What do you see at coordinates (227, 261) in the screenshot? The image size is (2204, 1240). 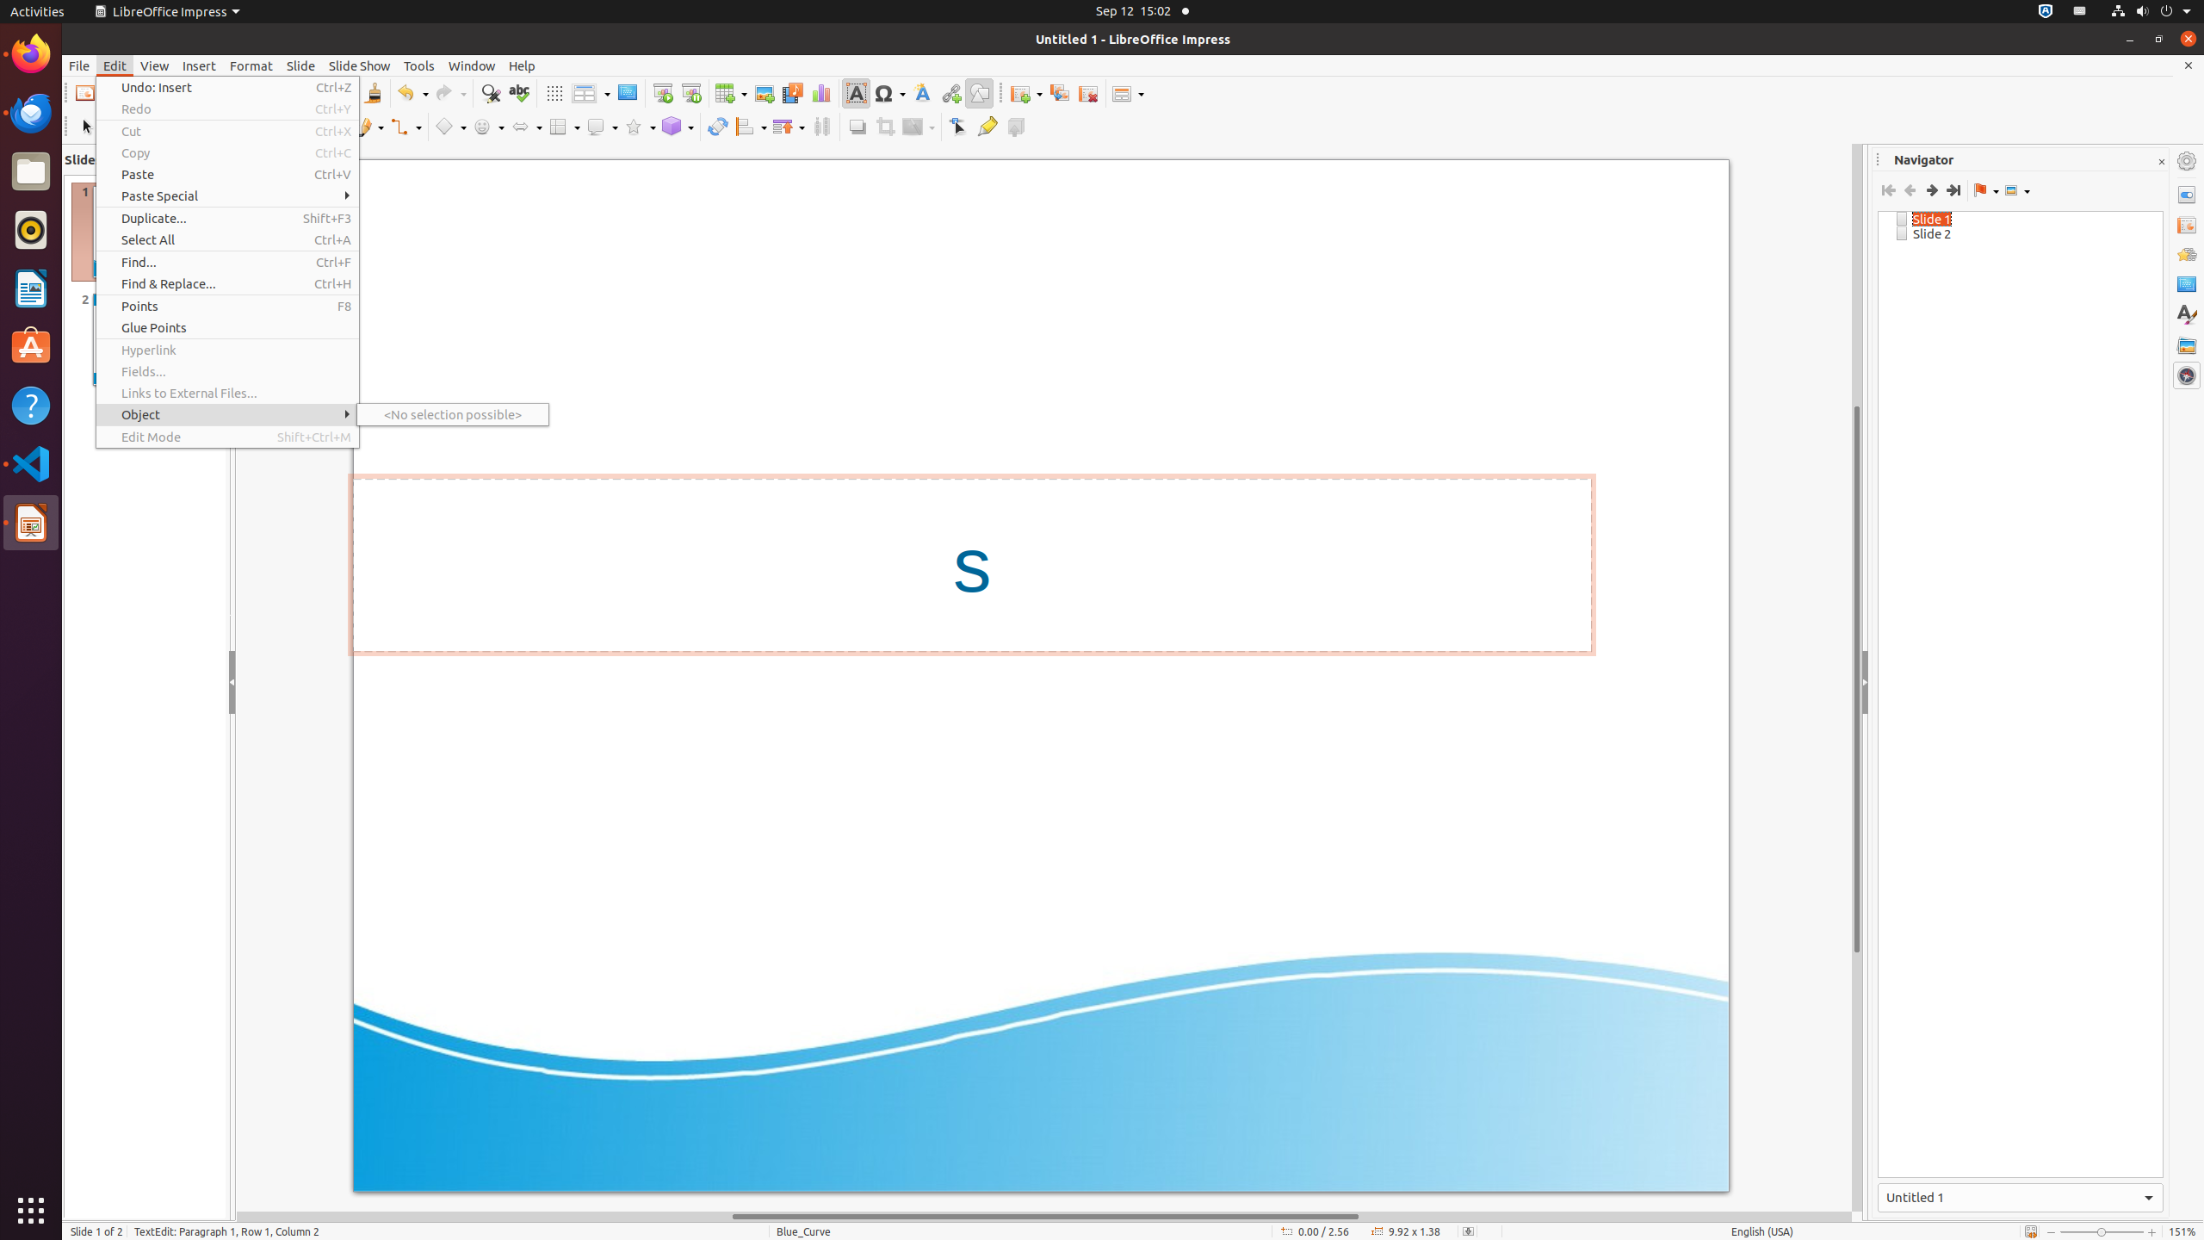 I see `'Find...'` at bounding box center [227, 261].